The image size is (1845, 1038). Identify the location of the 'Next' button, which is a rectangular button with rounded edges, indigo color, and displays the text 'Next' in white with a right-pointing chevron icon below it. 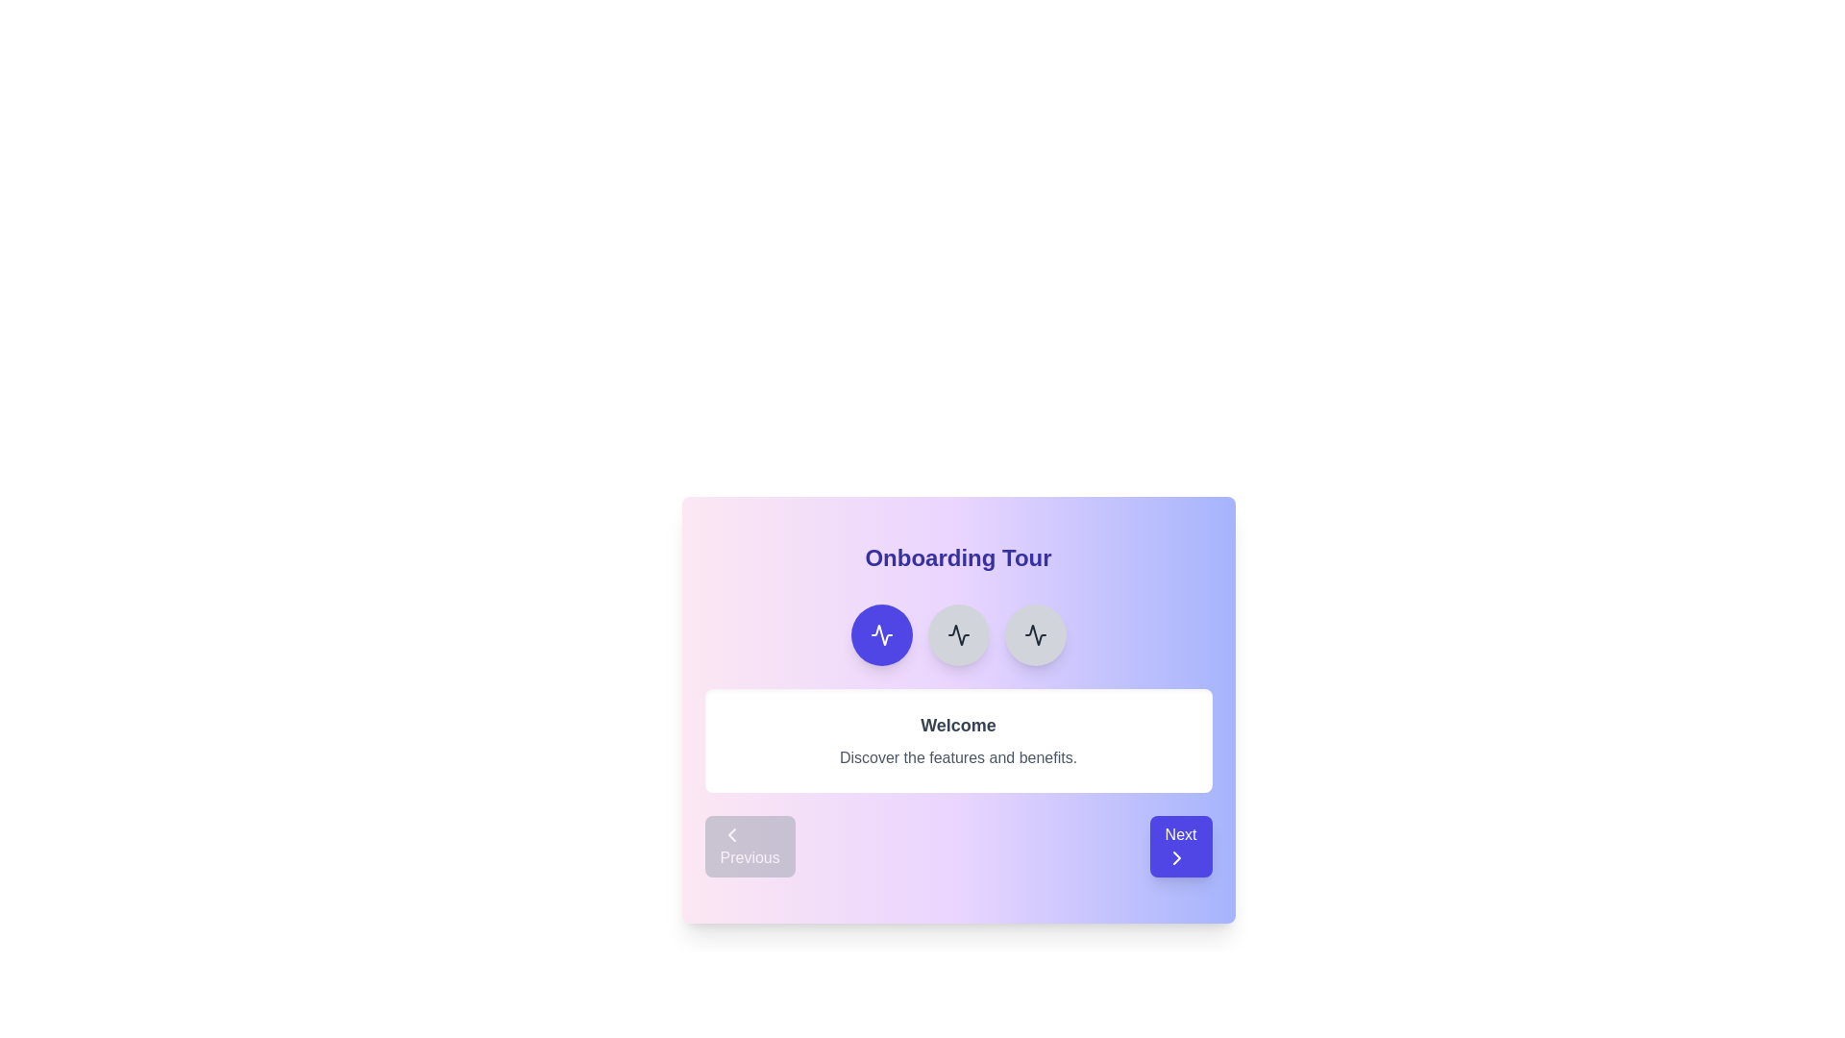
(1179, 845).